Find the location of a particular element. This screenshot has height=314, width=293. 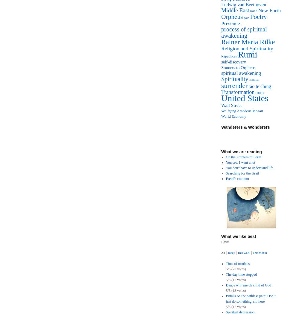

'Wolfgang Amadeus Mozart' is located at coordinates (221, 111).